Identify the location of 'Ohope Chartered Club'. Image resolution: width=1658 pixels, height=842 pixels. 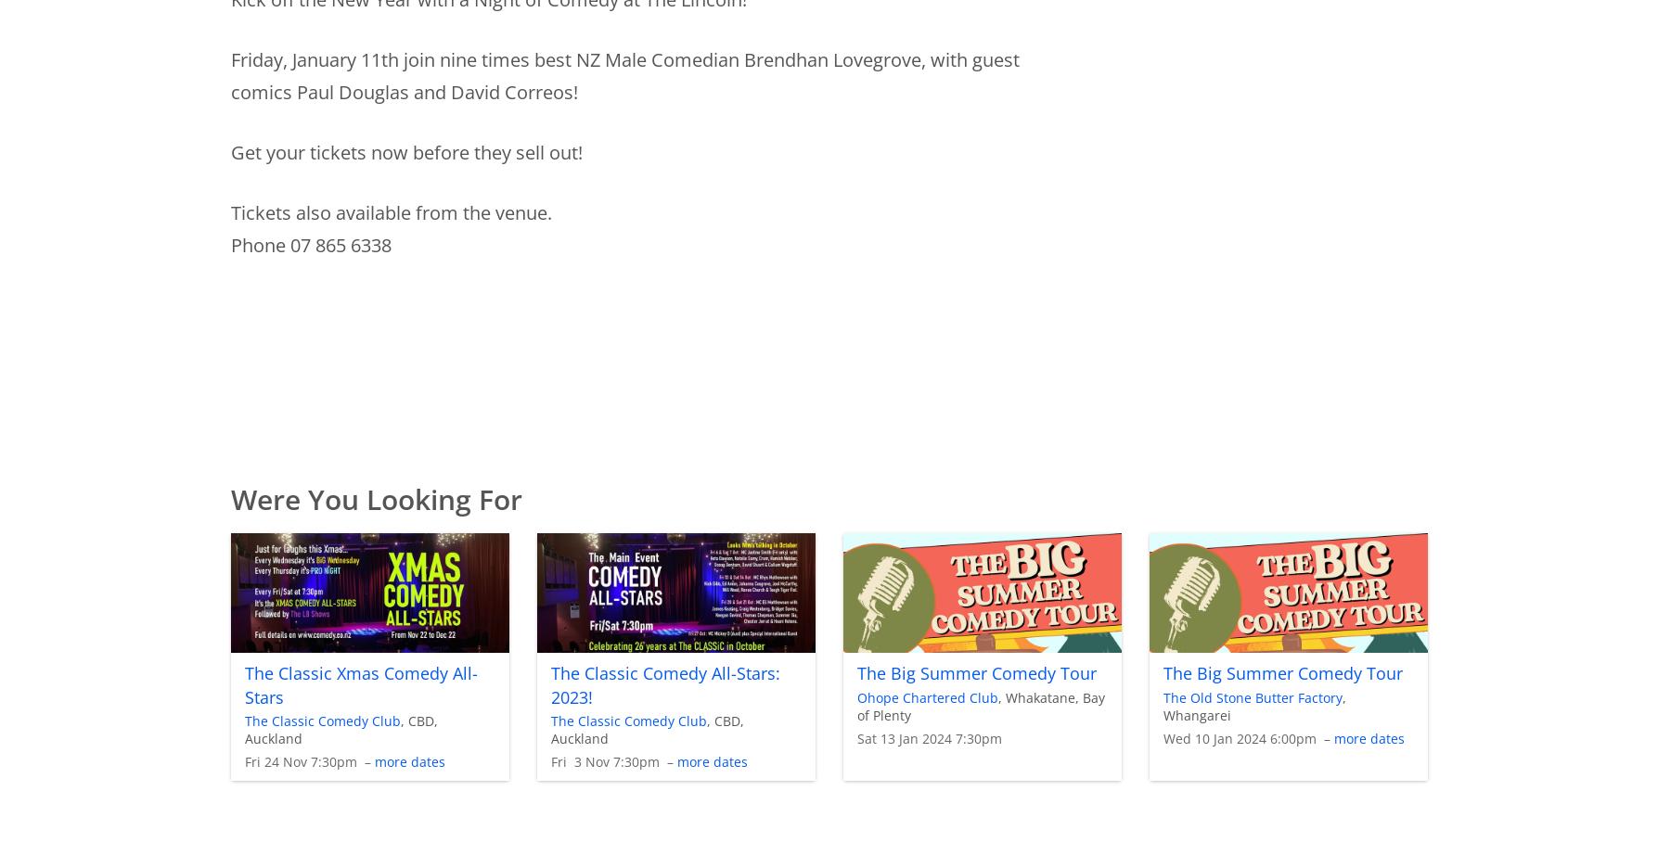
(925, 696).